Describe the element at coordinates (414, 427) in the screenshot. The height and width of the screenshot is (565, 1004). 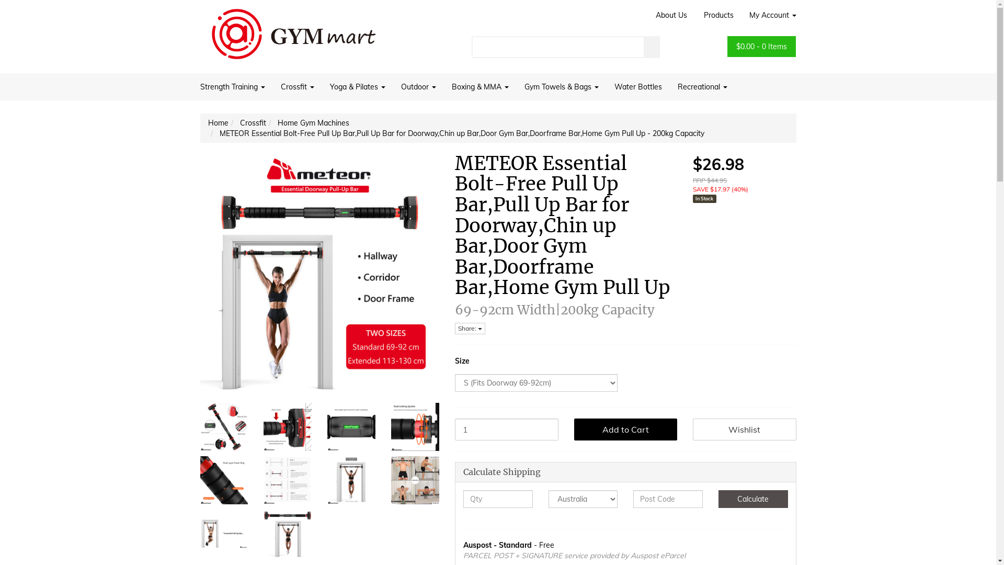
I see `'Large View'` at that location.